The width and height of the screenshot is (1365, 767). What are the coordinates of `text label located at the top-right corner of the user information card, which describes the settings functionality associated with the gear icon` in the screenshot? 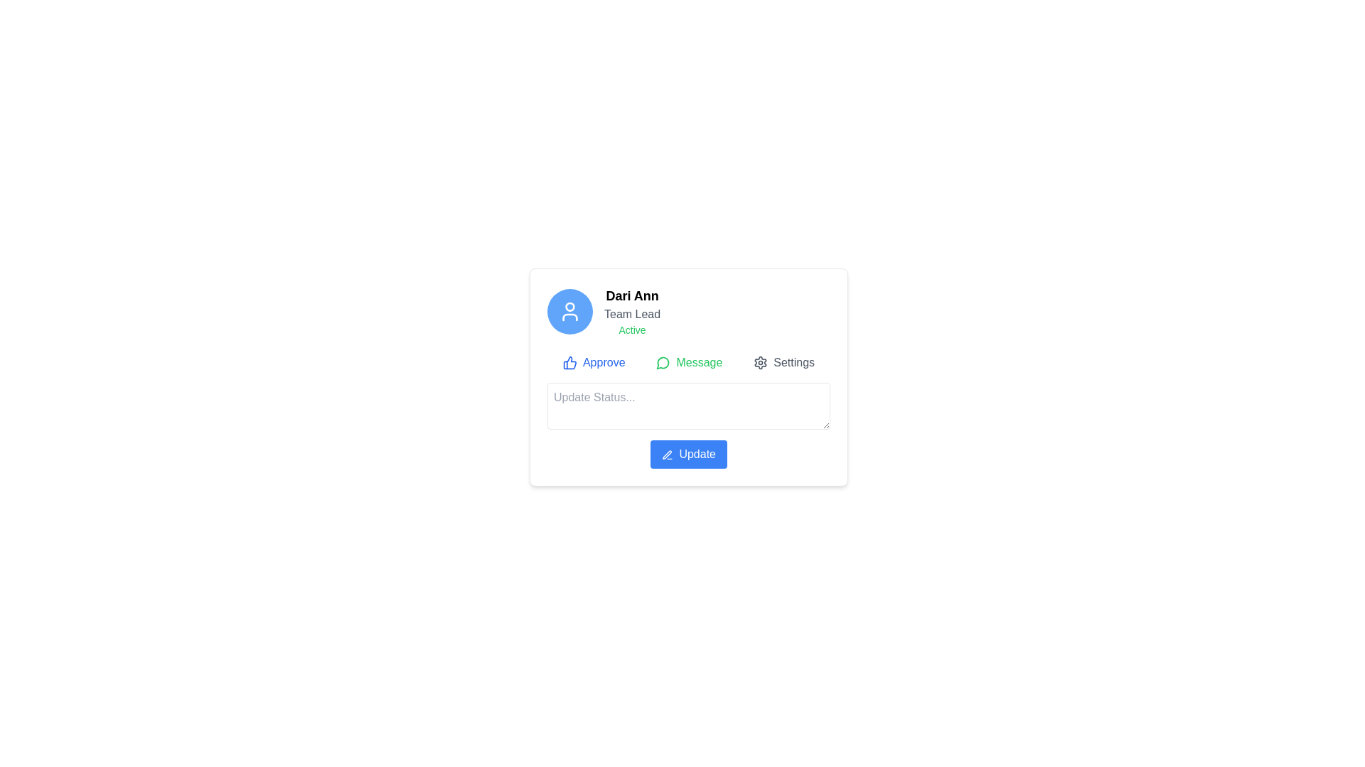 It's located at (793, 361).